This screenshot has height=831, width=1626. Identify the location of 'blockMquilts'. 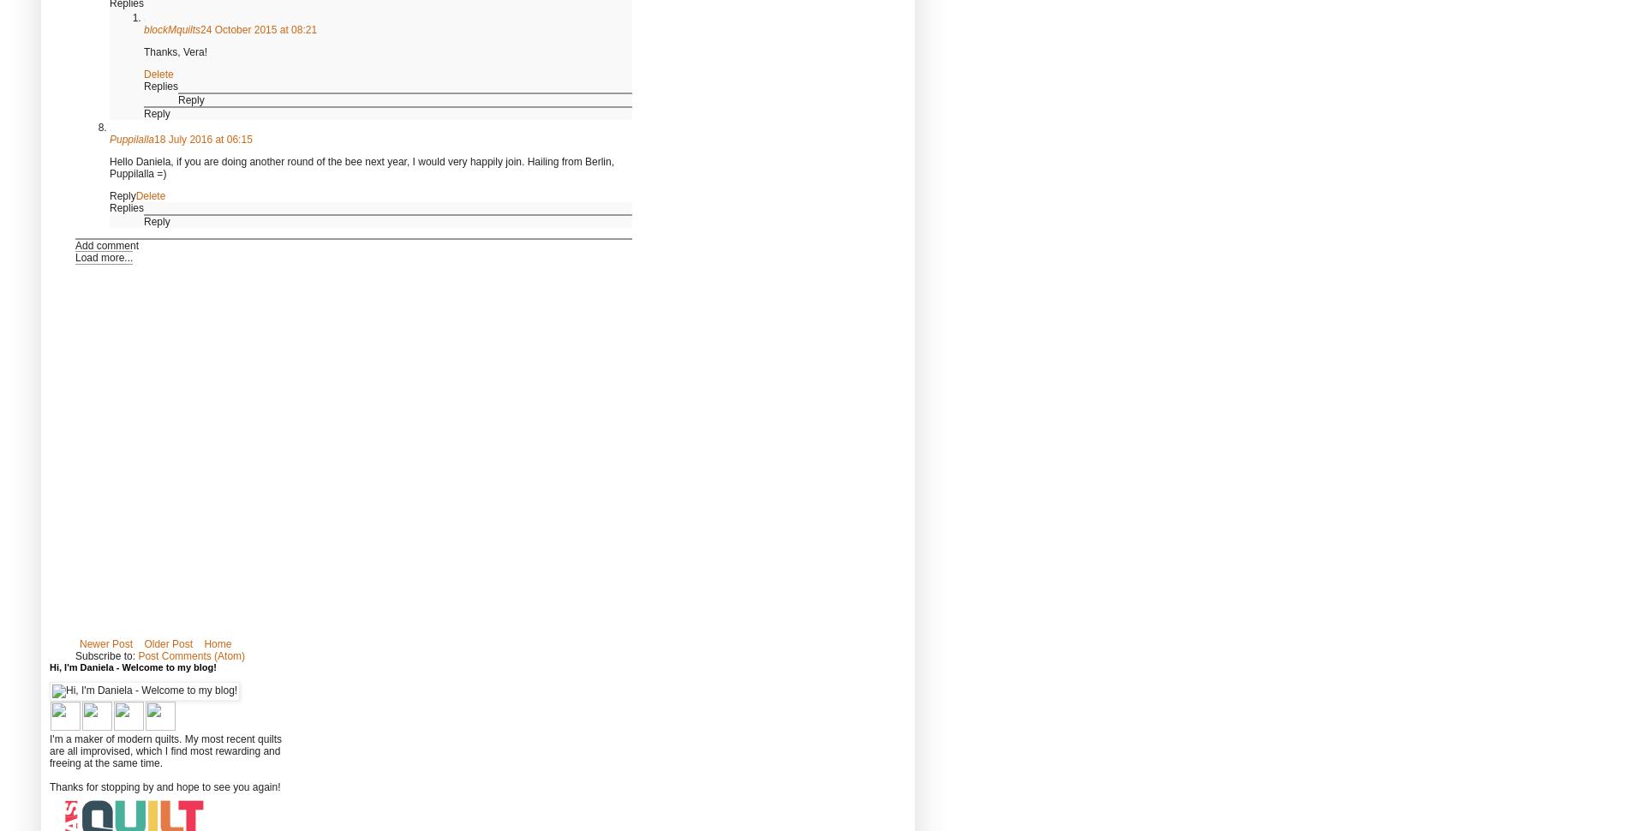
(170, 29).